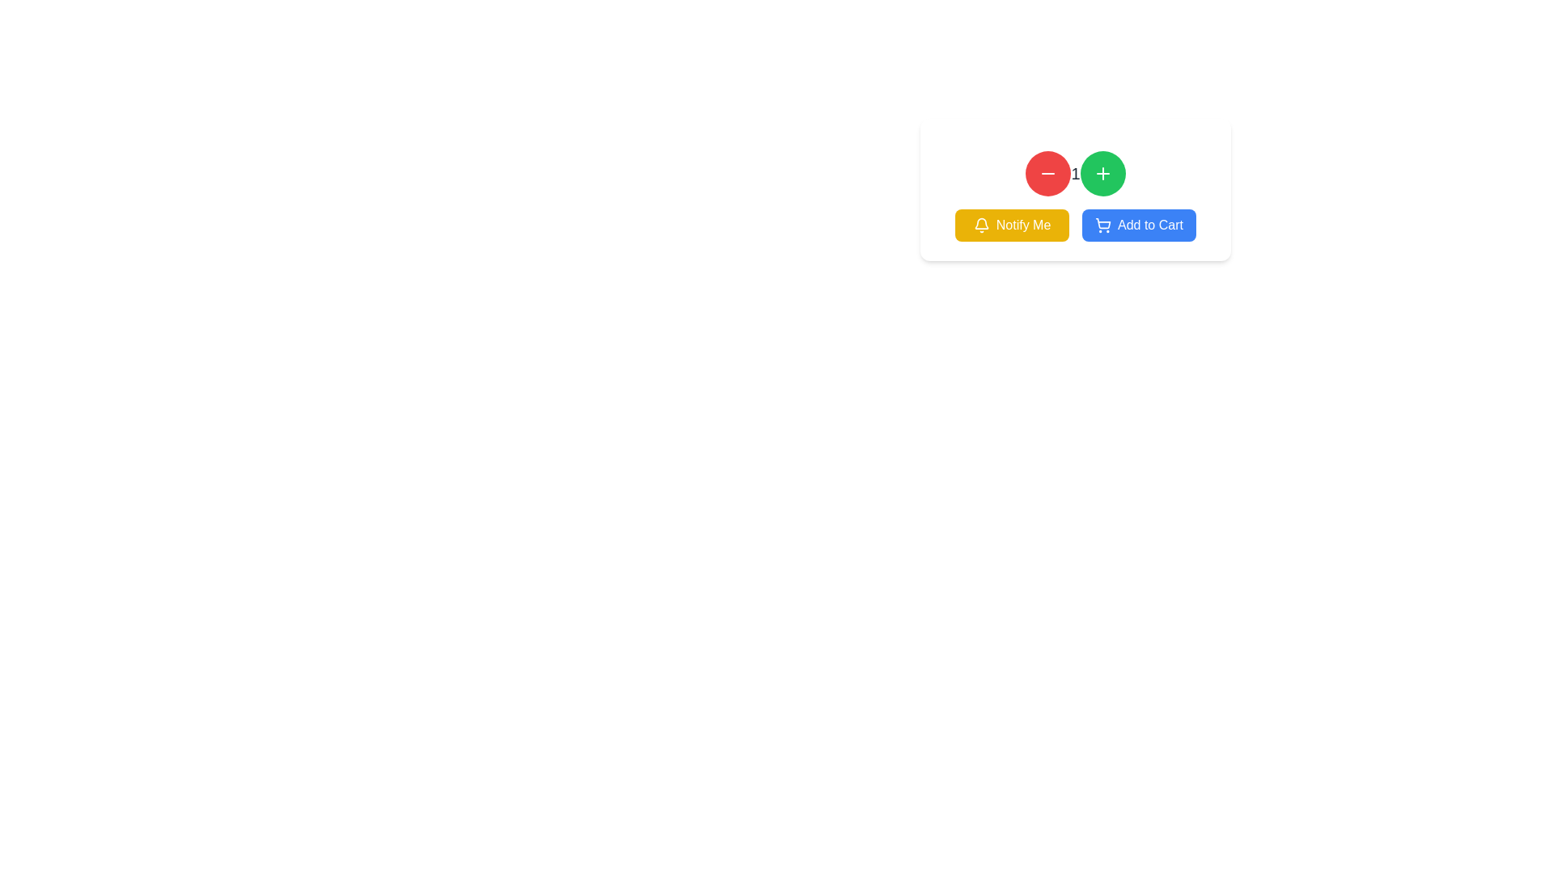 Image resolution: width=1553 pixels, height=873 pixels. What do you see at coordinates (1075, 174) in the screenshot?
I see `the value display element showing the number '1', which is positioned between a red decrement button and a green increment button, within a card-like component` at bounding box center [1075, 174].